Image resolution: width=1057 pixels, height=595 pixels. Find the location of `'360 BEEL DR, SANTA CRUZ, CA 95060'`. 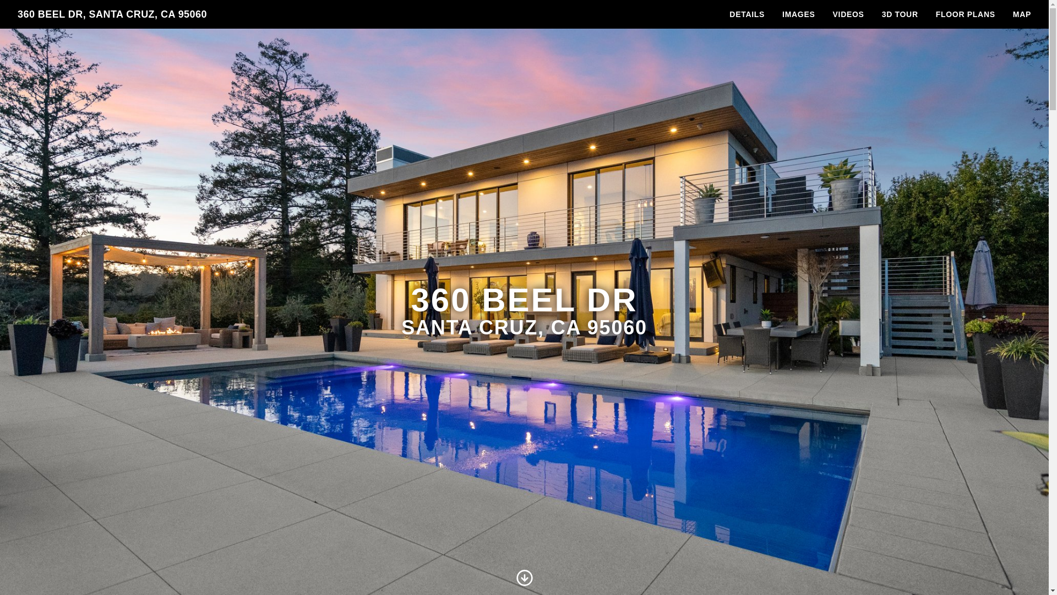

'360 BEEL DR, SANTA CRUZ, CA 95060' is located at coordinates (112, 14).